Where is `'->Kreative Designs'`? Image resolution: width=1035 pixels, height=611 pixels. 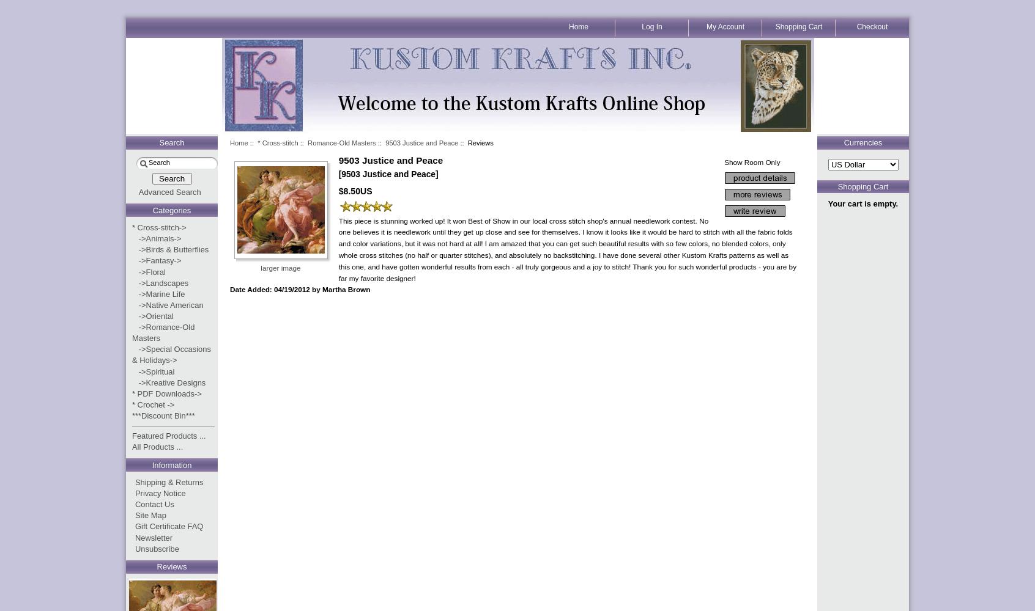 '->Kreative Designs' is located at coordinates (168, 382).